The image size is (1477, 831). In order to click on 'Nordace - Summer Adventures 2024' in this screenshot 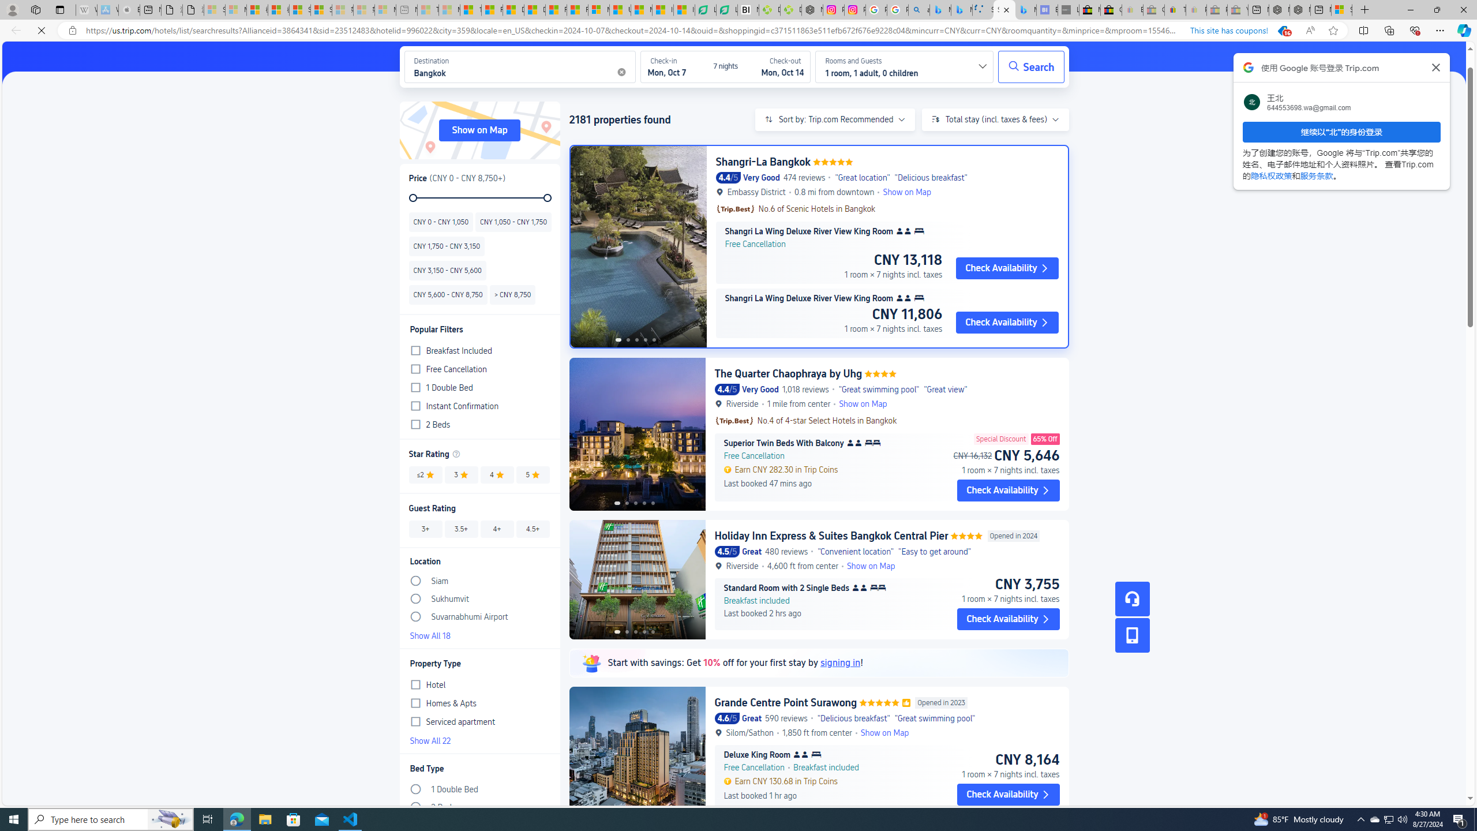, I will do `click(1300, 9)`.